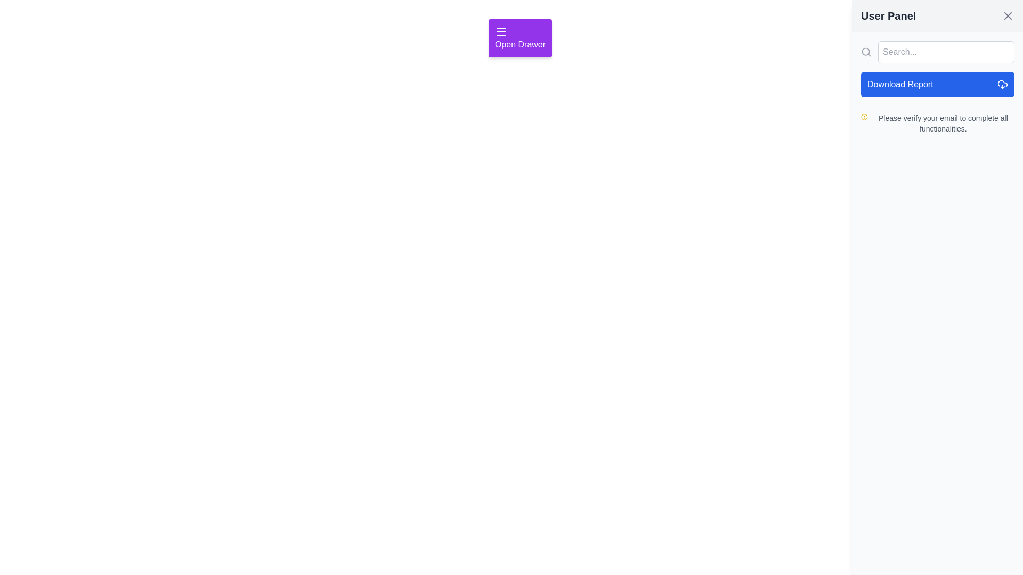  Describe the element at coordinates (1007, 16) in the screenshot. I see `the close icon in the top-right corner of the 'User Panel'` at that location.